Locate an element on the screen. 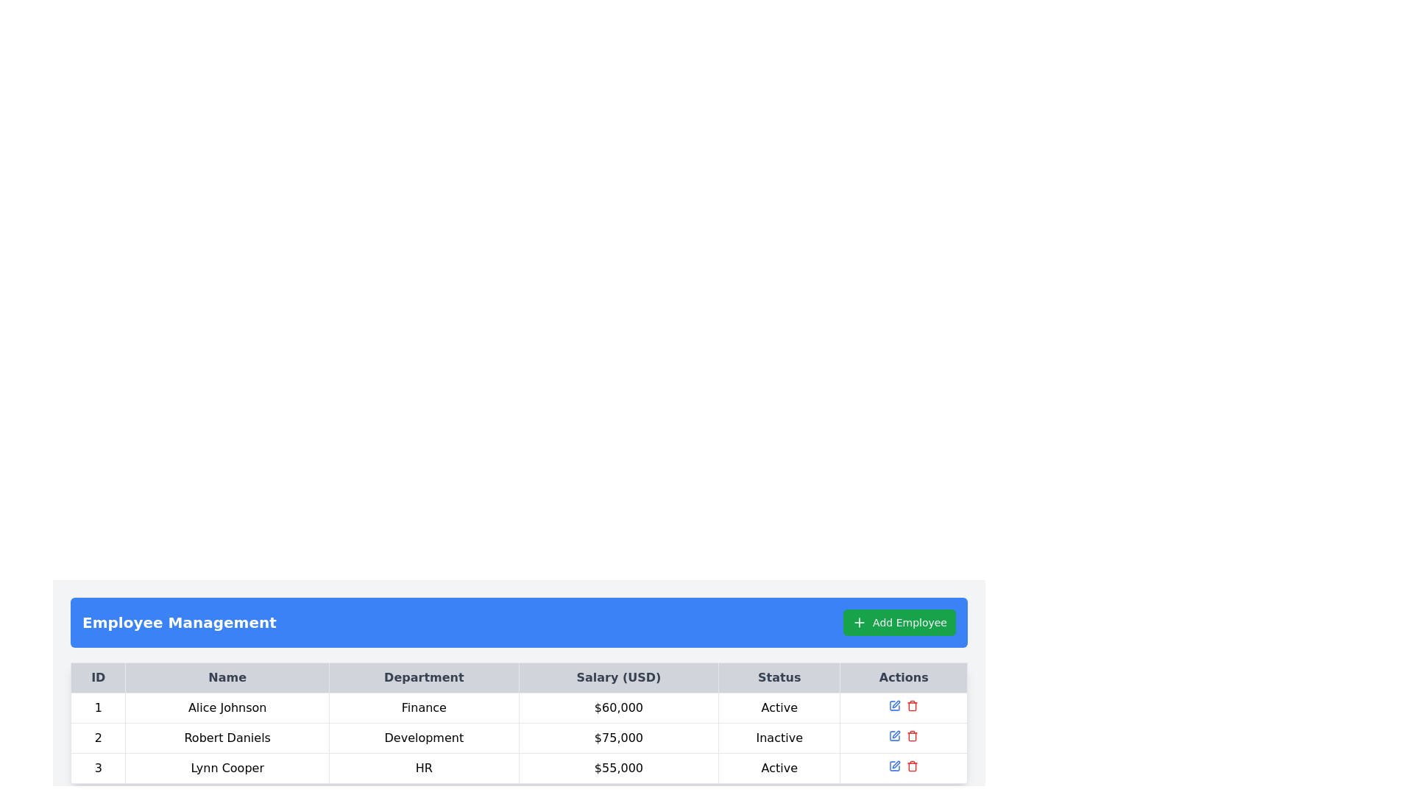 This screenshot has height=795, width=1413. the pen icon button located in the actions column of the third row of the table, used for editing actions is located at coordinates (896, 735).